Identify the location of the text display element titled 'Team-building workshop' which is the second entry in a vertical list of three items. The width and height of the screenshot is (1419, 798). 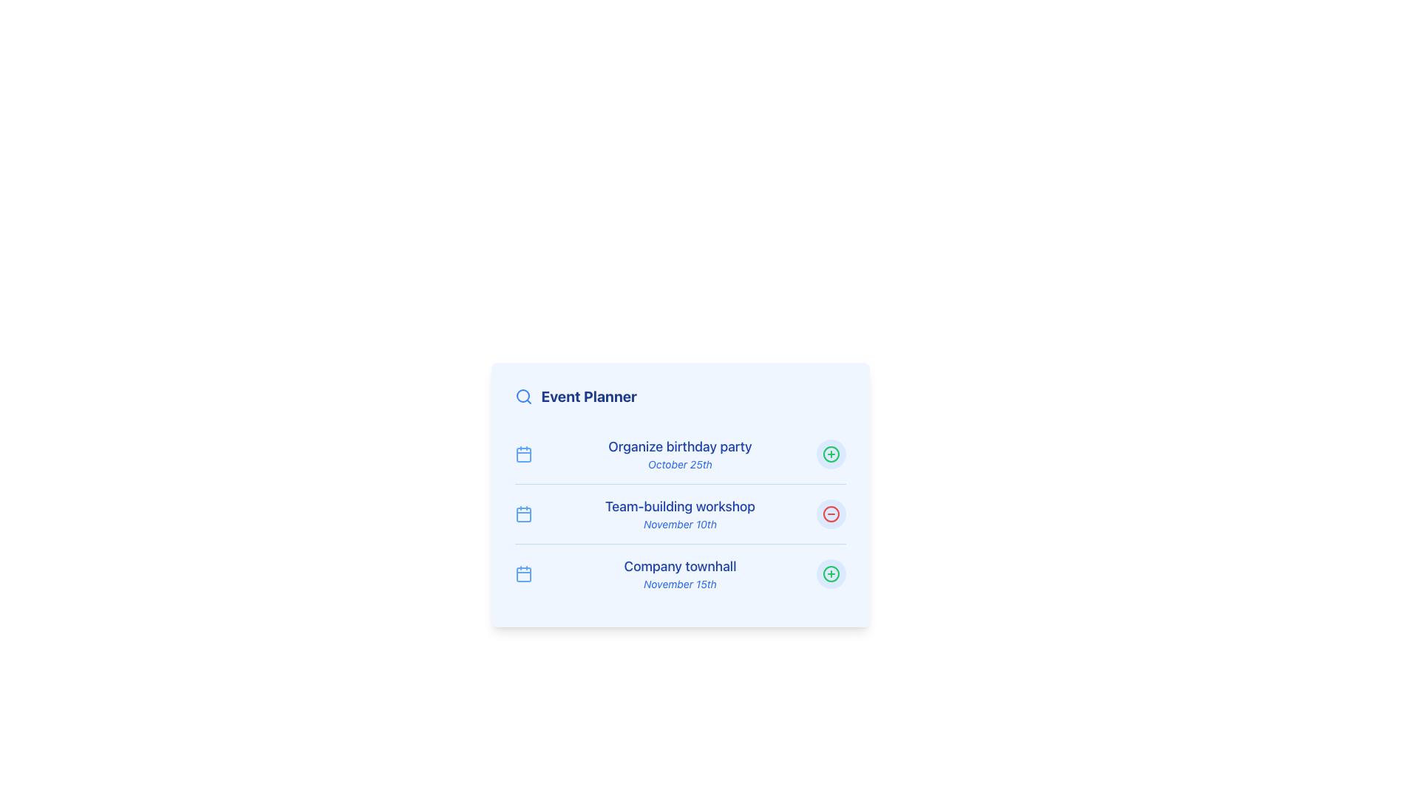
(679, 513).